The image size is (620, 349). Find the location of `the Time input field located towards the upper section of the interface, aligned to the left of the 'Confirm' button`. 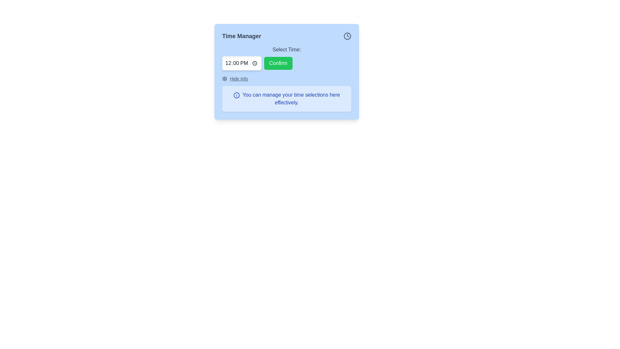

the Time input field located towards the upper section of the interface, aligned to the left of the 'Confirm' button is located at coordinates (241, 63).